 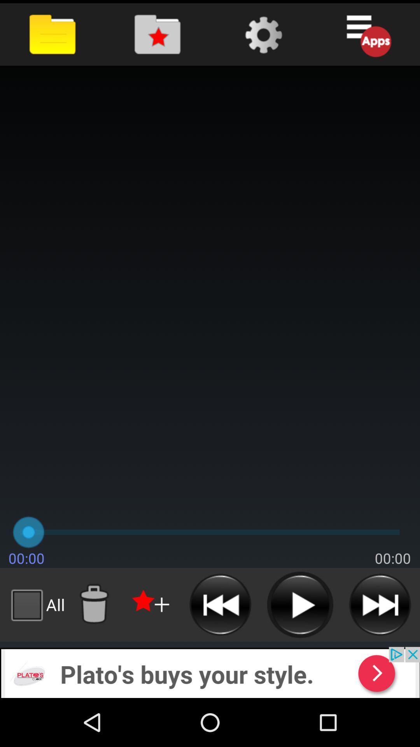 What do you see at coordinates (299, 604) in the screenshot?
I see `play` at bounding box center [299, 604].